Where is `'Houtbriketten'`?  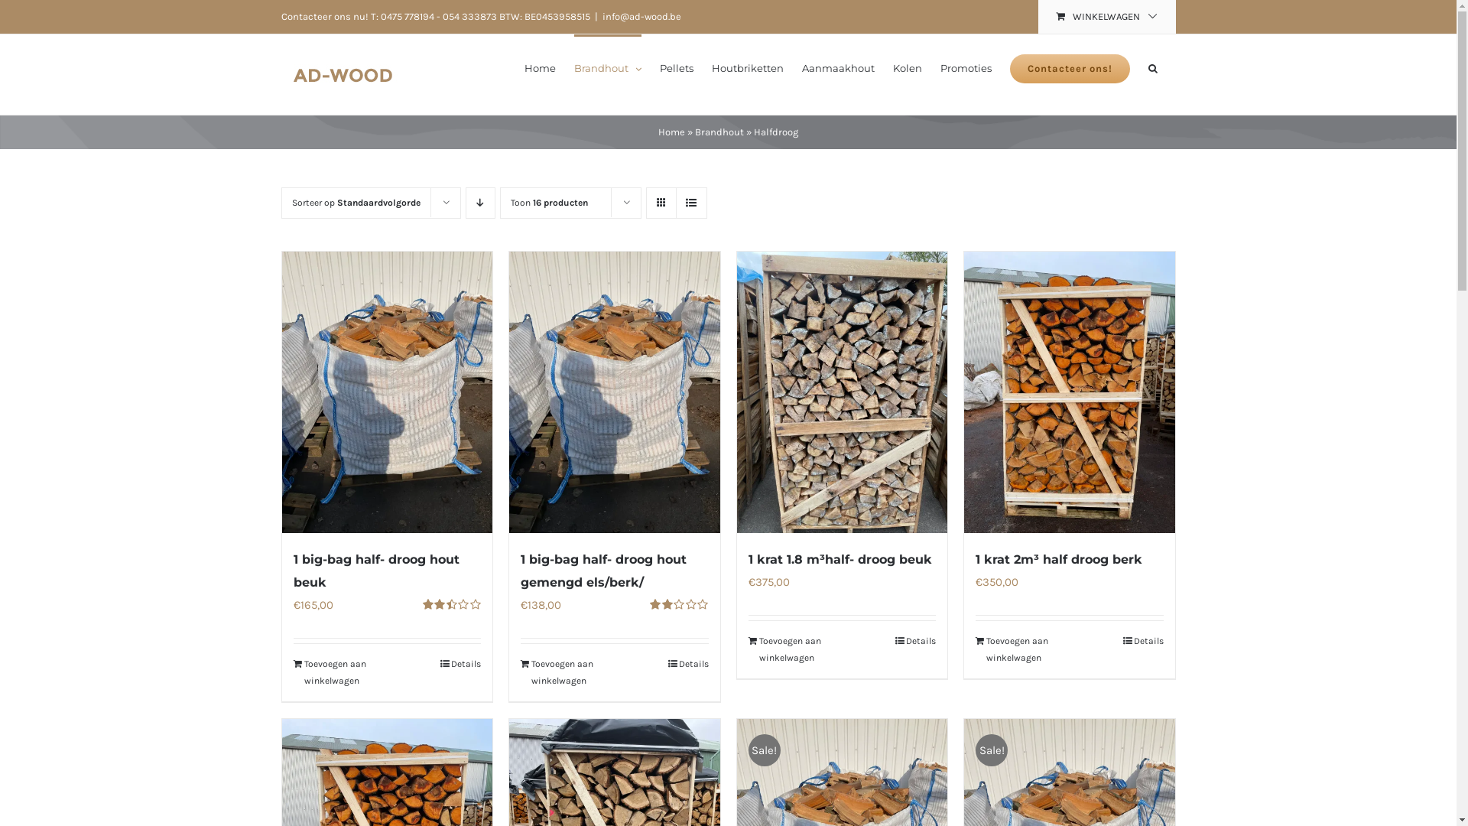
'Houtbriketten' is located at coordinates (747, 67).